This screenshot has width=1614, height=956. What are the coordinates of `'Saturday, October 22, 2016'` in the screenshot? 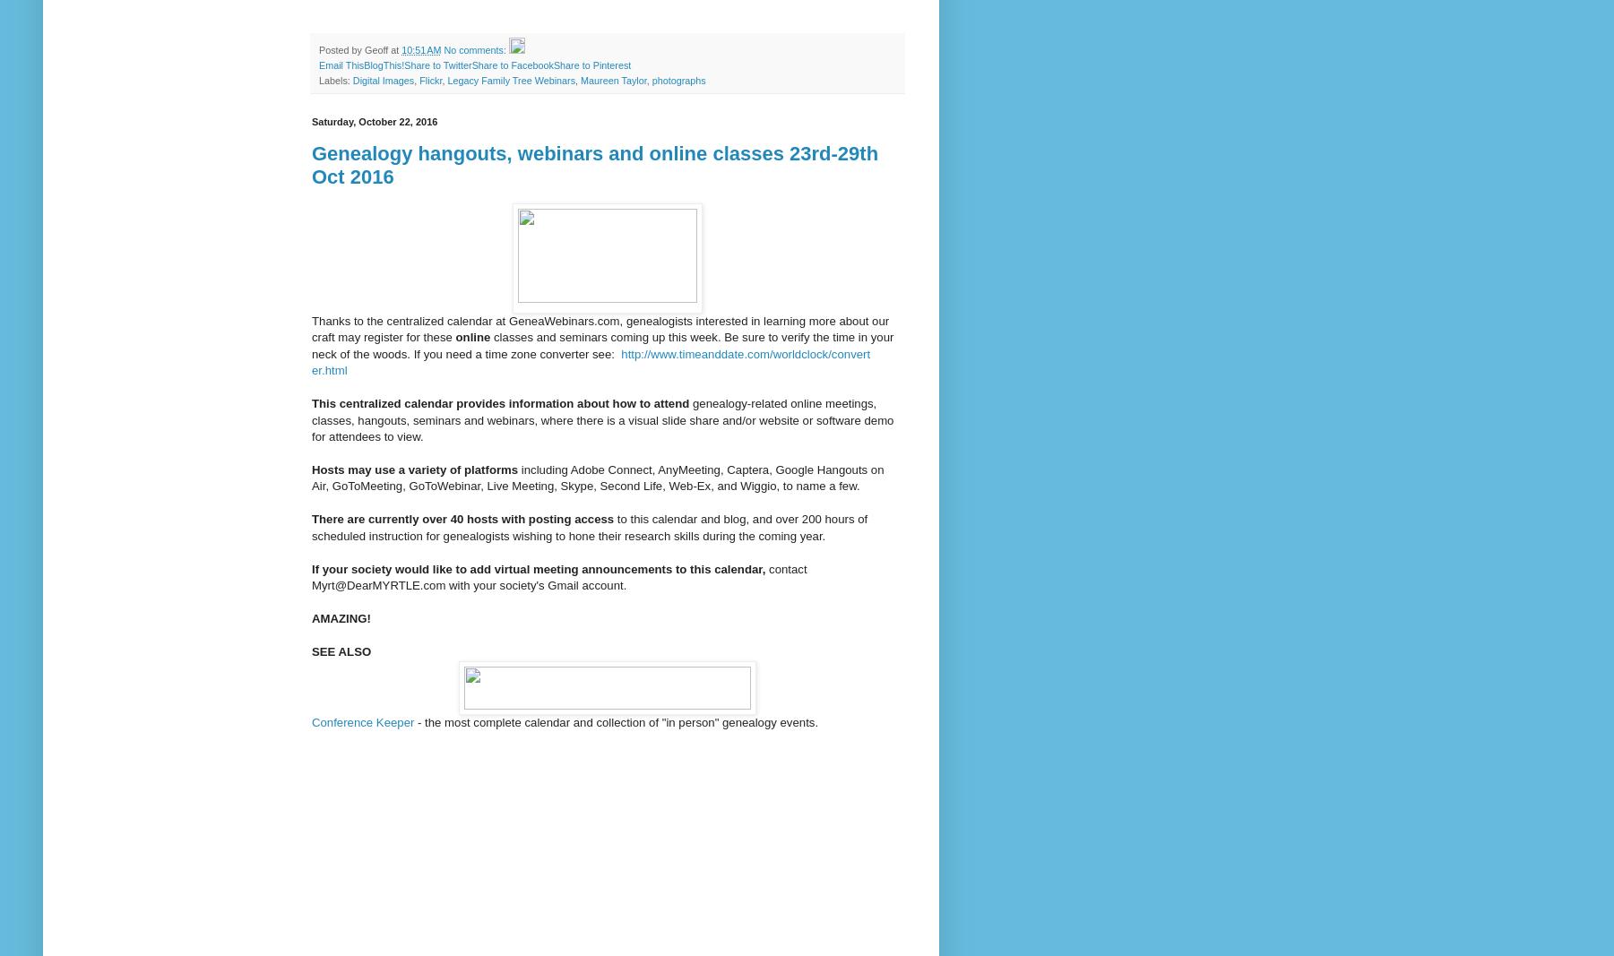 It's located at (374, 121).